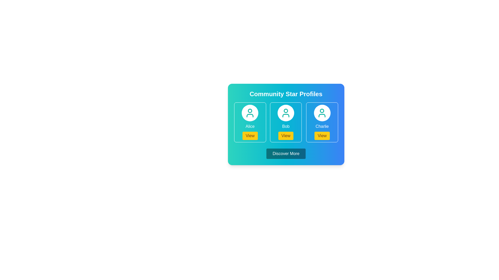 The width and height of the screenshot is (499, 280). Describe the element at coordinates (286, 136) in the screenshot. I see `the button with a yellow background and the text 'View' in dark brown font, located beneath the label 'Bob'` at that location.